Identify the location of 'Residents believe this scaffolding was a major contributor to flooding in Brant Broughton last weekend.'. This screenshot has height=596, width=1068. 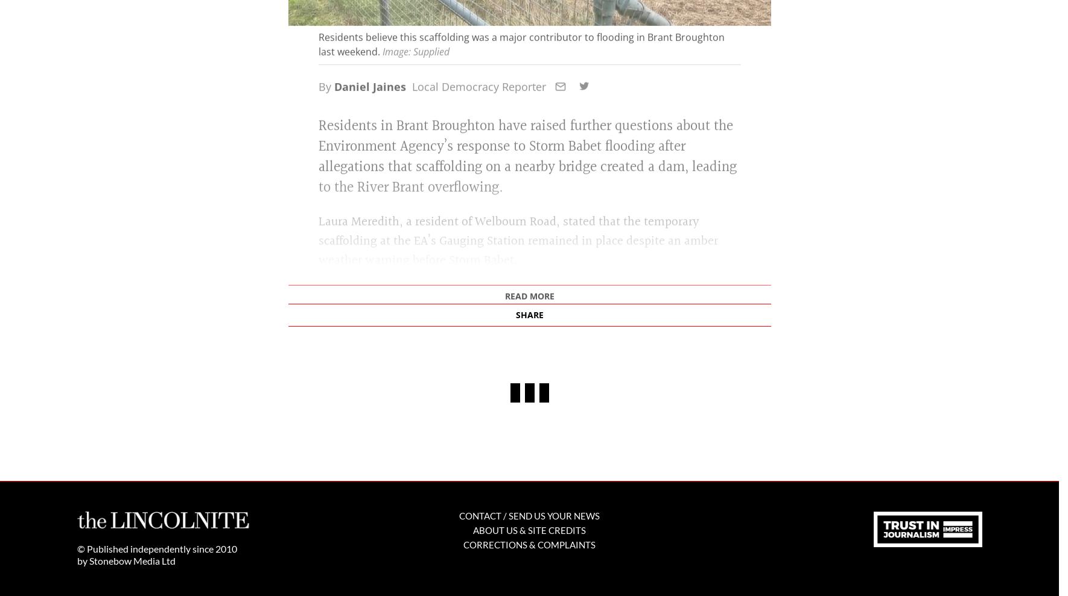
(521, 228).